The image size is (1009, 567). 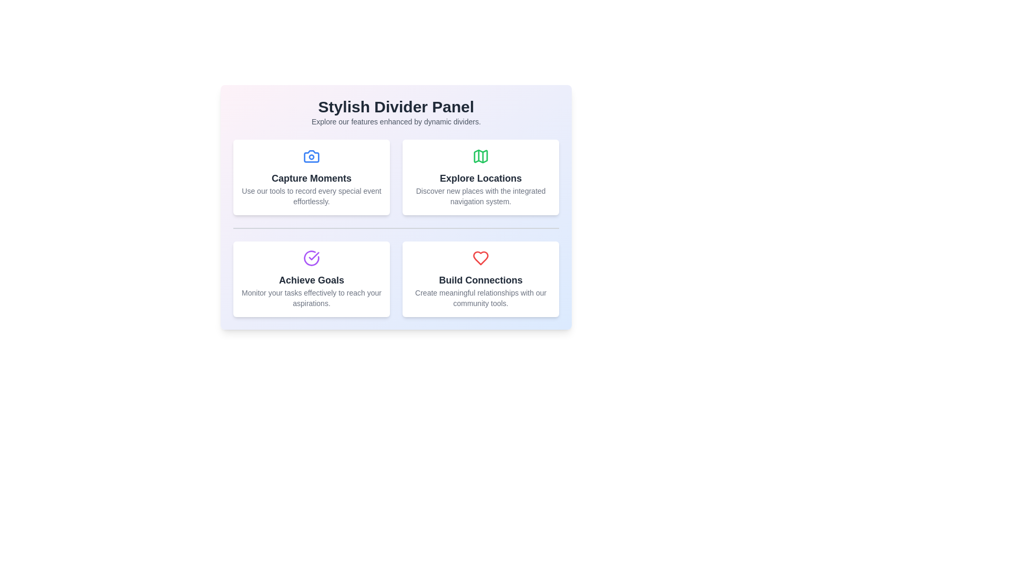 I want to click on the heart-shaped icon outlined in red, located above the text 'Build Connections' in the fourth card of the grid, so click(x=480, y=258).